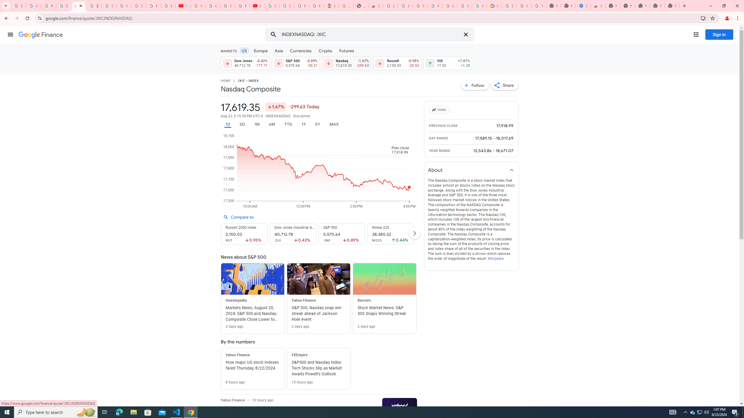  What do you see at coordinates (260, 50) in the screenshot?
I see `'Europe'` at bounding box center [260, 50].